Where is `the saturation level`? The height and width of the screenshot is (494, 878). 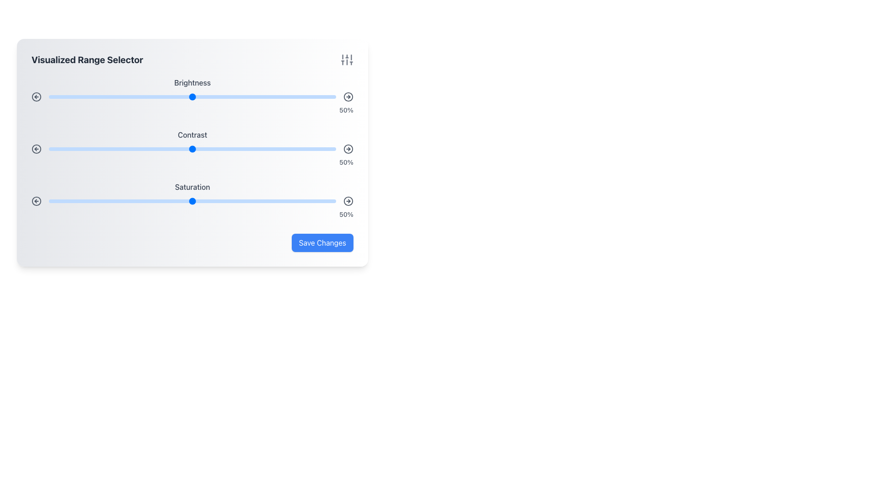
the saturation level is located at coordinates (232, 200).